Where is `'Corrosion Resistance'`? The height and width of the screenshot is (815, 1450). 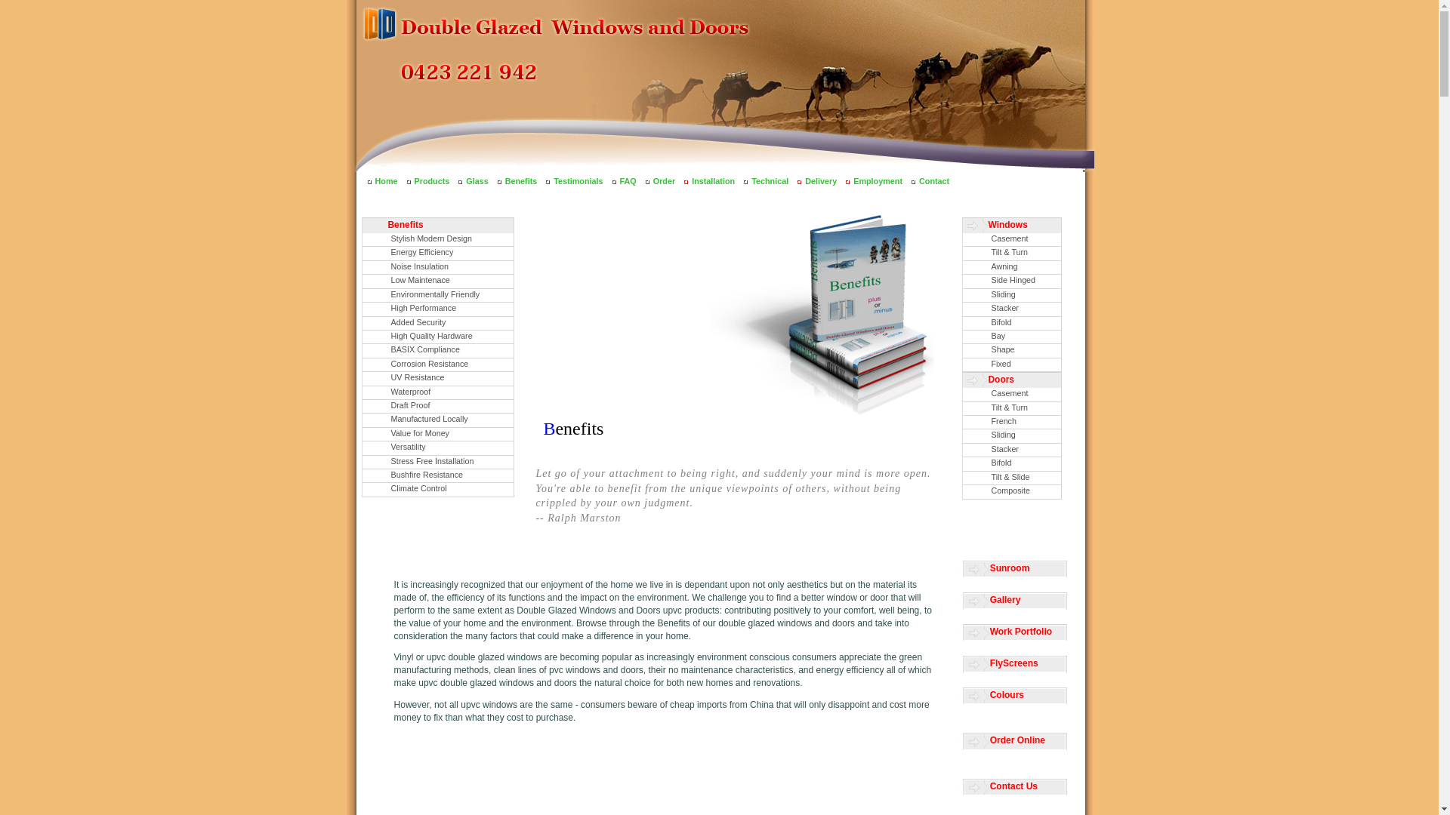 'Corrosion Resistance' is located at coordinates (437, 364).